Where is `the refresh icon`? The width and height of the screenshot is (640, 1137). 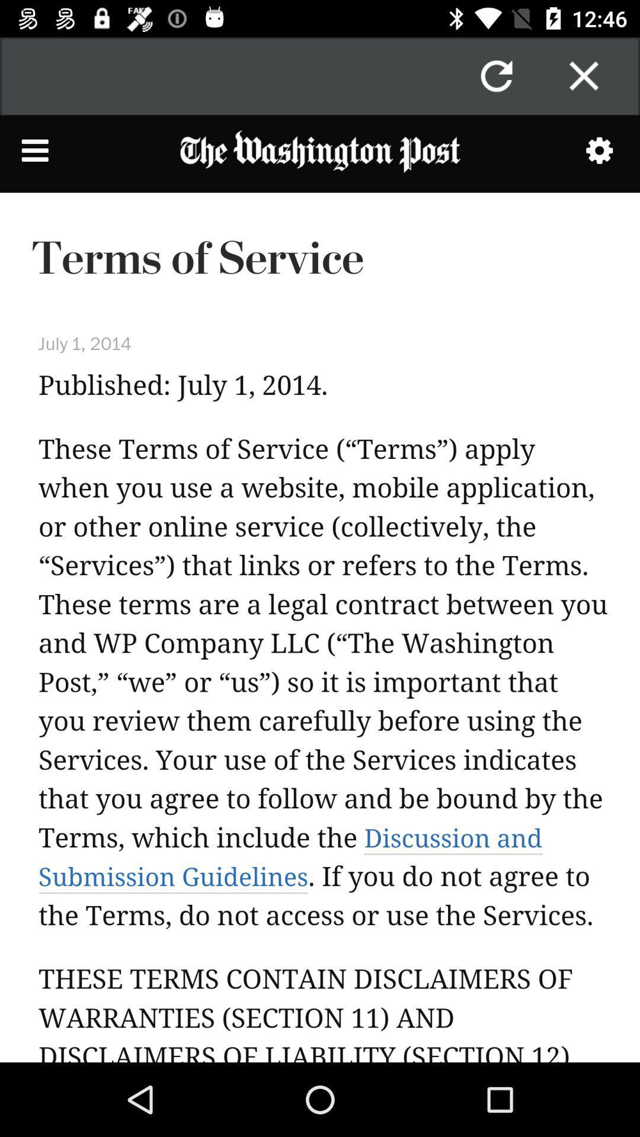 the refresh icon is located at coordinates (497, 75).